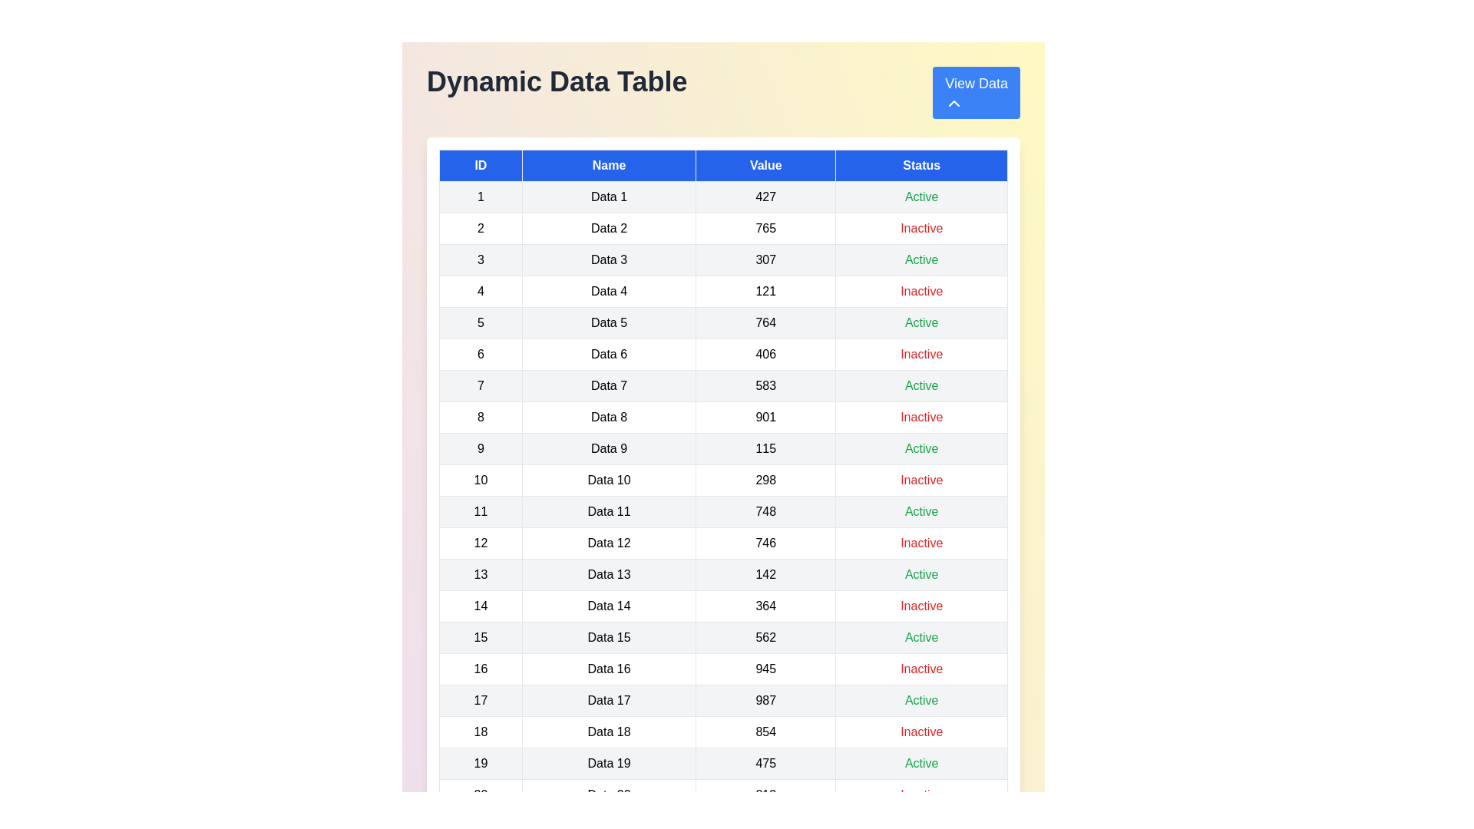 The height and width of the screenshot is (829, 1474). I want to click on 'View Data' button to toggle the data table visibility, so click(976, 92).